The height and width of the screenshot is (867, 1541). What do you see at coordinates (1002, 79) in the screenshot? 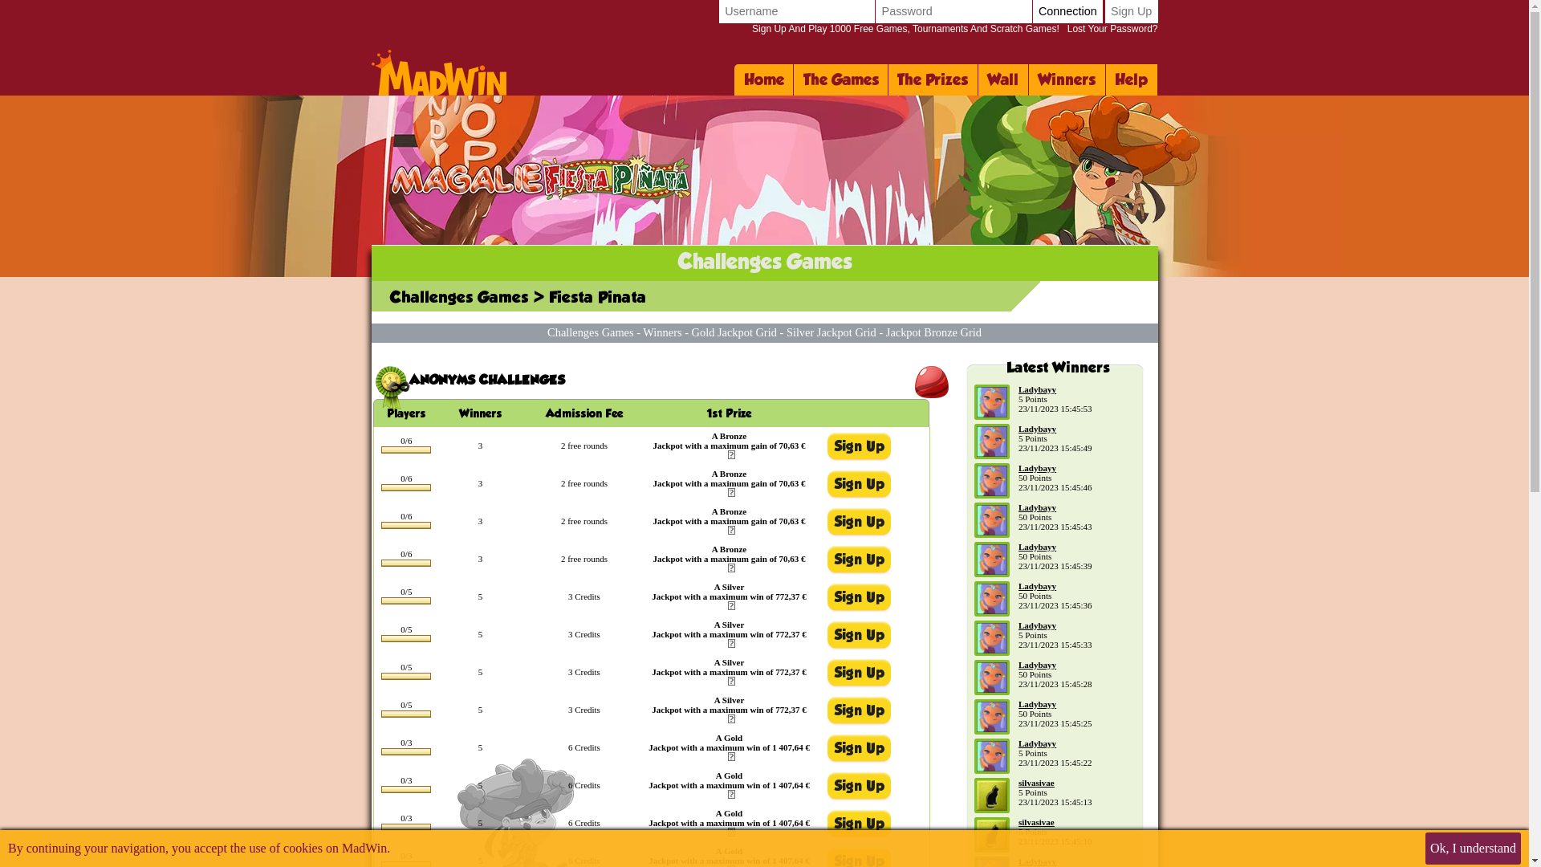
I see `'Wall'` at bounding box center [1002, 79].